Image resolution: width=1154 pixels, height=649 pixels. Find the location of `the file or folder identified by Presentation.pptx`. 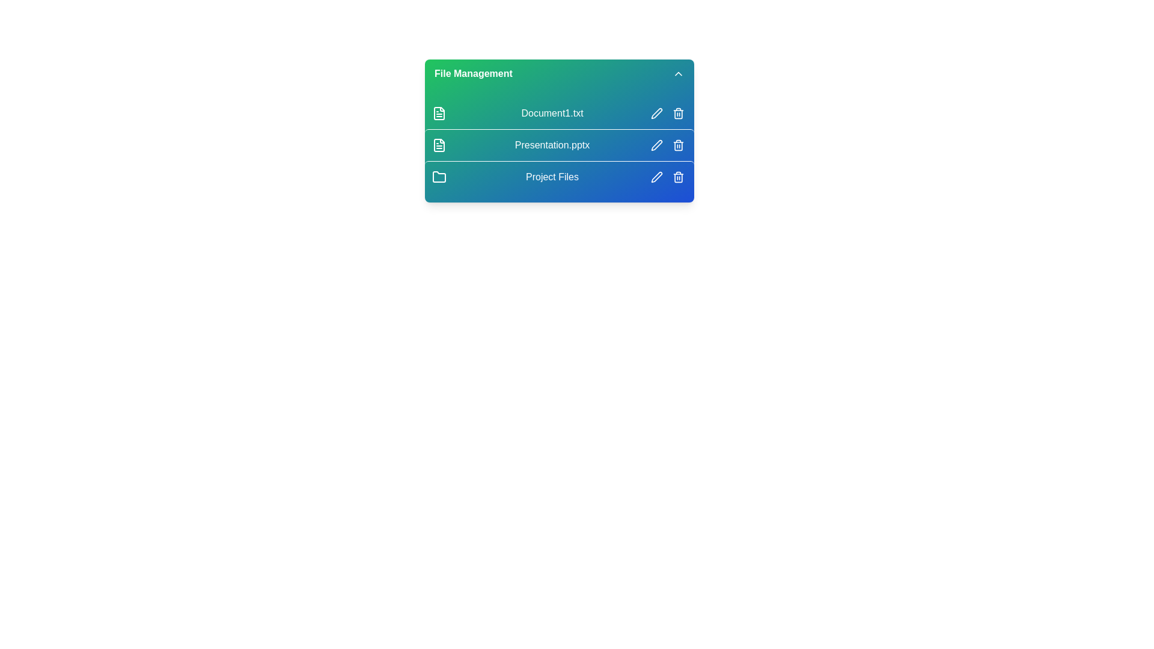

the file or folder identified by Presentation.pptx is located at coordinates (559, 144).